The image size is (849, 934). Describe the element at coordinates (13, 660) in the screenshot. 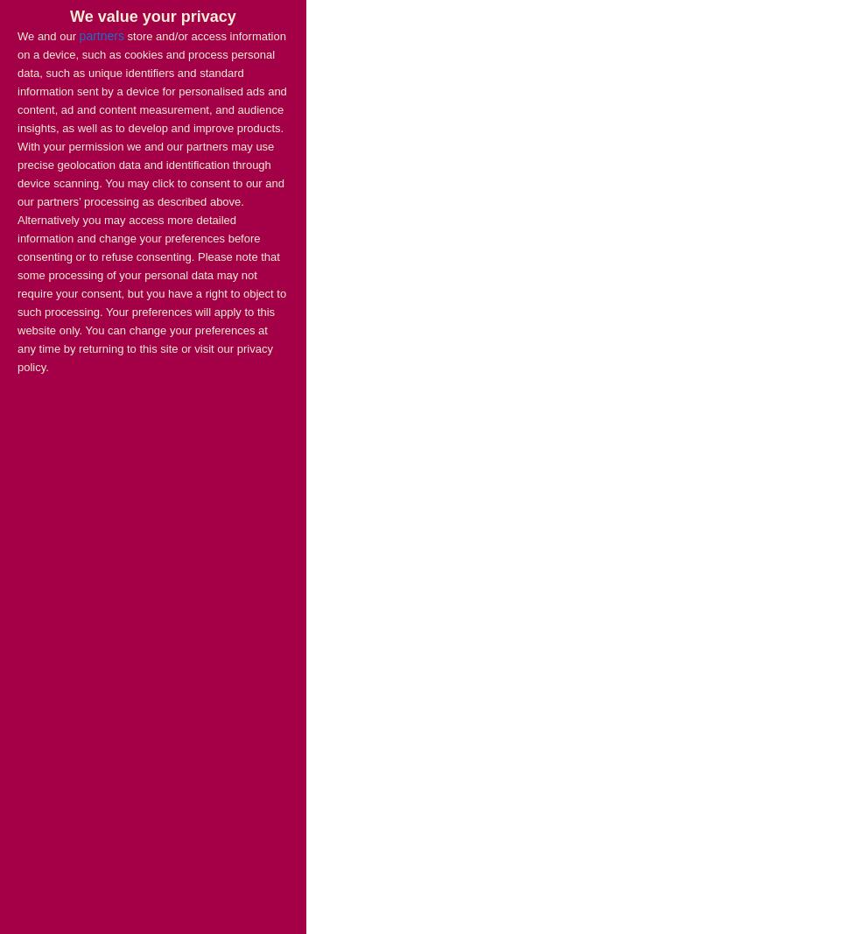

I see `'Communities secretary Sajid Javid'` at that location.